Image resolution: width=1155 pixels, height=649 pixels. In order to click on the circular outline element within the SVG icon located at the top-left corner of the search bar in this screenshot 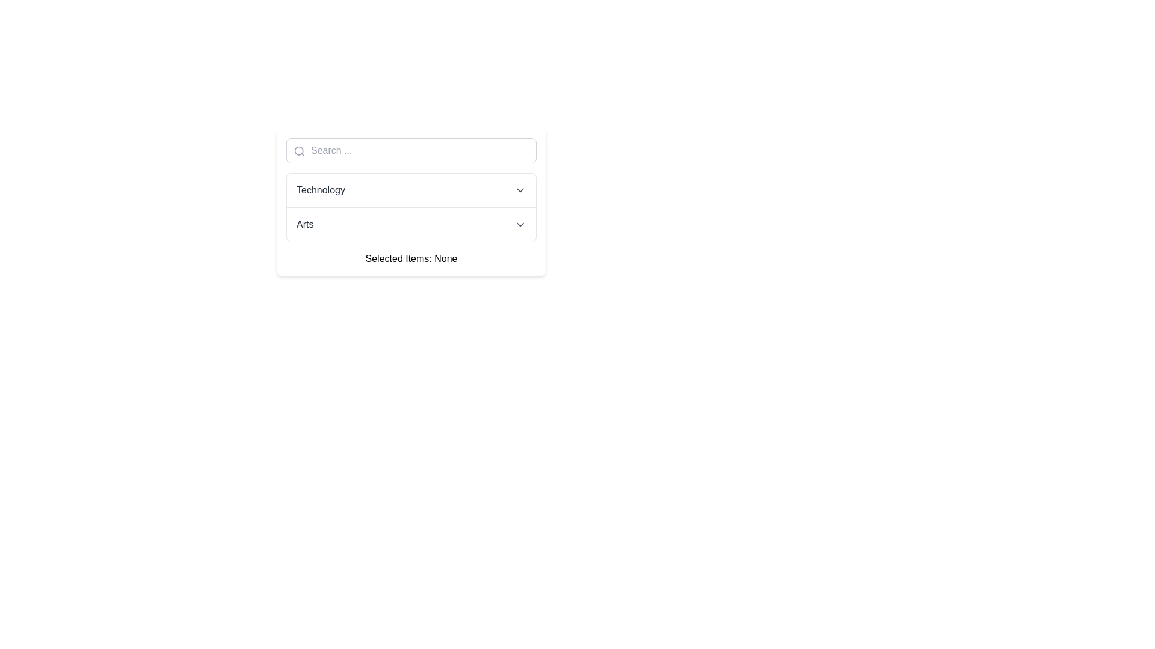, I will do `click(299, 150)`.